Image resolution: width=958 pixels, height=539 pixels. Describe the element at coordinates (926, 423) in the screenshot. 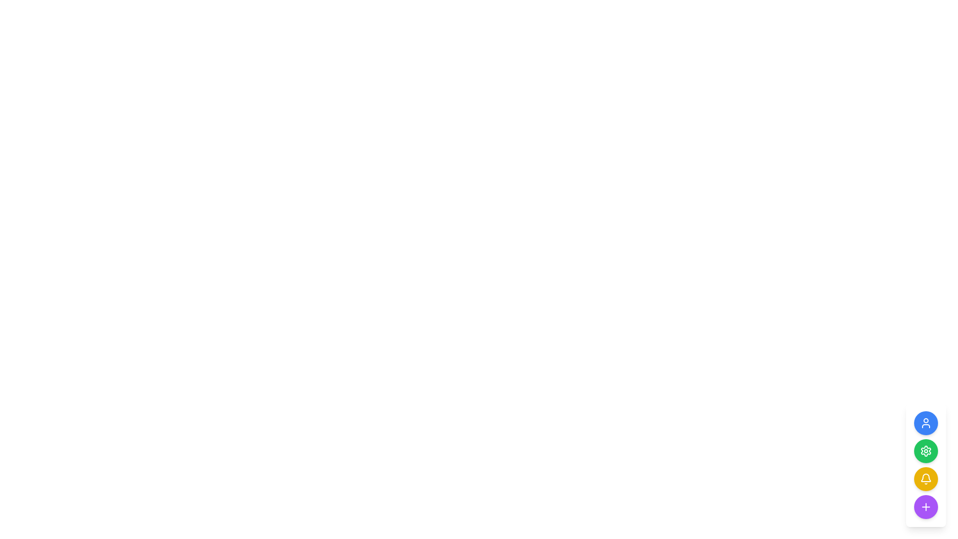

I see `the topmost circular button with a user or account-related icon on the right side of the application interface to observe any tooltip or hover effects` at that location.